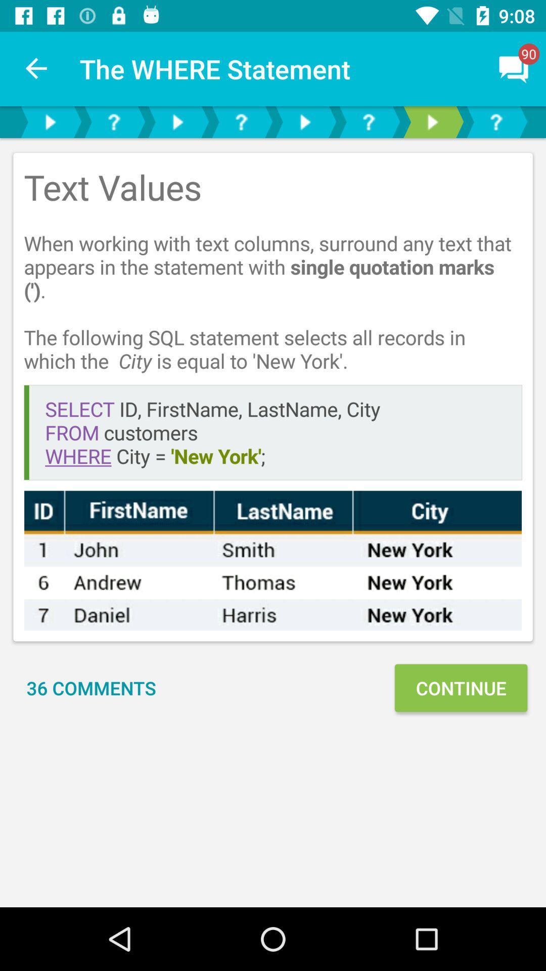  What do you see at coordinates (50, 121) in the screenshot?
I see `play` at bounding box center [50, 121].